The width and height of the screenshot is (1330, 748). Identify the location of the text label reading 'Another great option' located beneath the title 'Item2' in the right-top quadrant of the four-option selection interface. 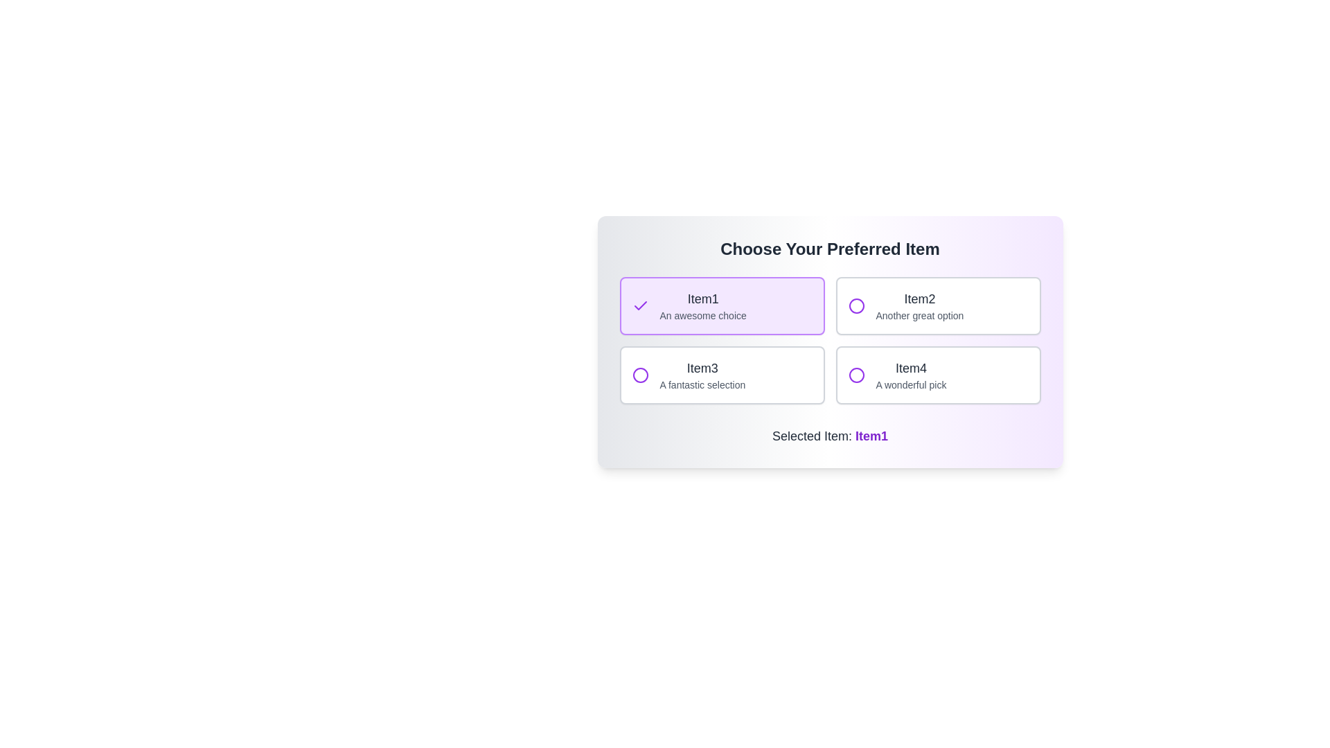
(919, 315).